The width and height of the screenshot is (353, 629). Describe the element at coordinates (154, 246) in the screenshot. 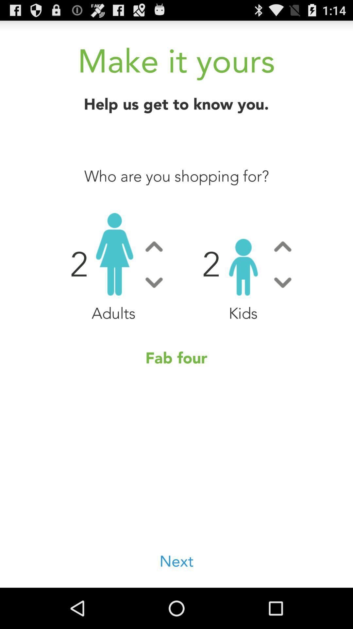

I see `increase adult count` at that location.